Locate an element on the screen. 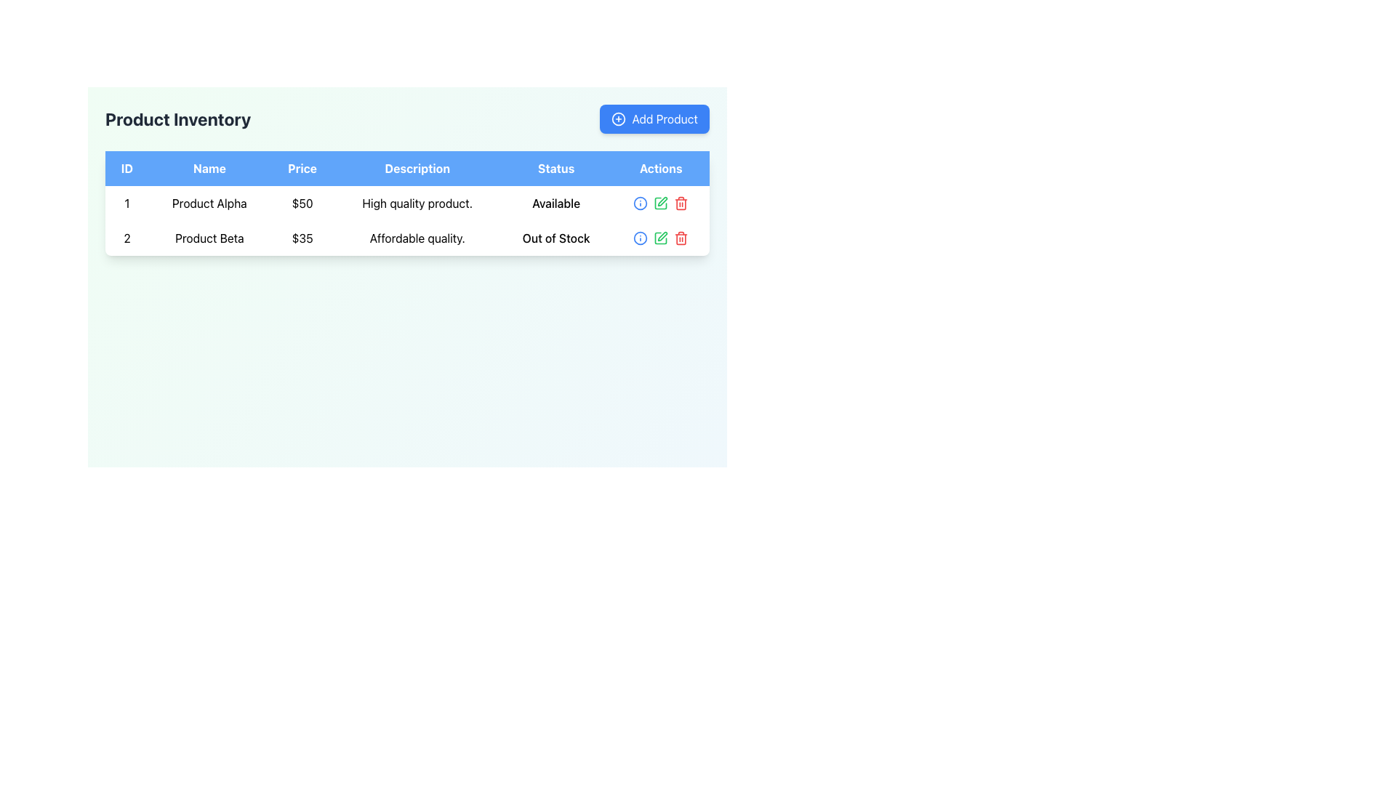 Image resolution: width=1396 pixels, height=785 pixels. the identifier text for the second row in the 'Product Inventory' table, located beneath the number '1' and to the left of 'Product Beta' is located at coordinates (127, 237).